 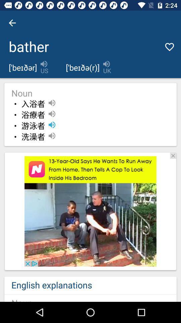 I want to click on advertisement, so click(x=173, y=155).